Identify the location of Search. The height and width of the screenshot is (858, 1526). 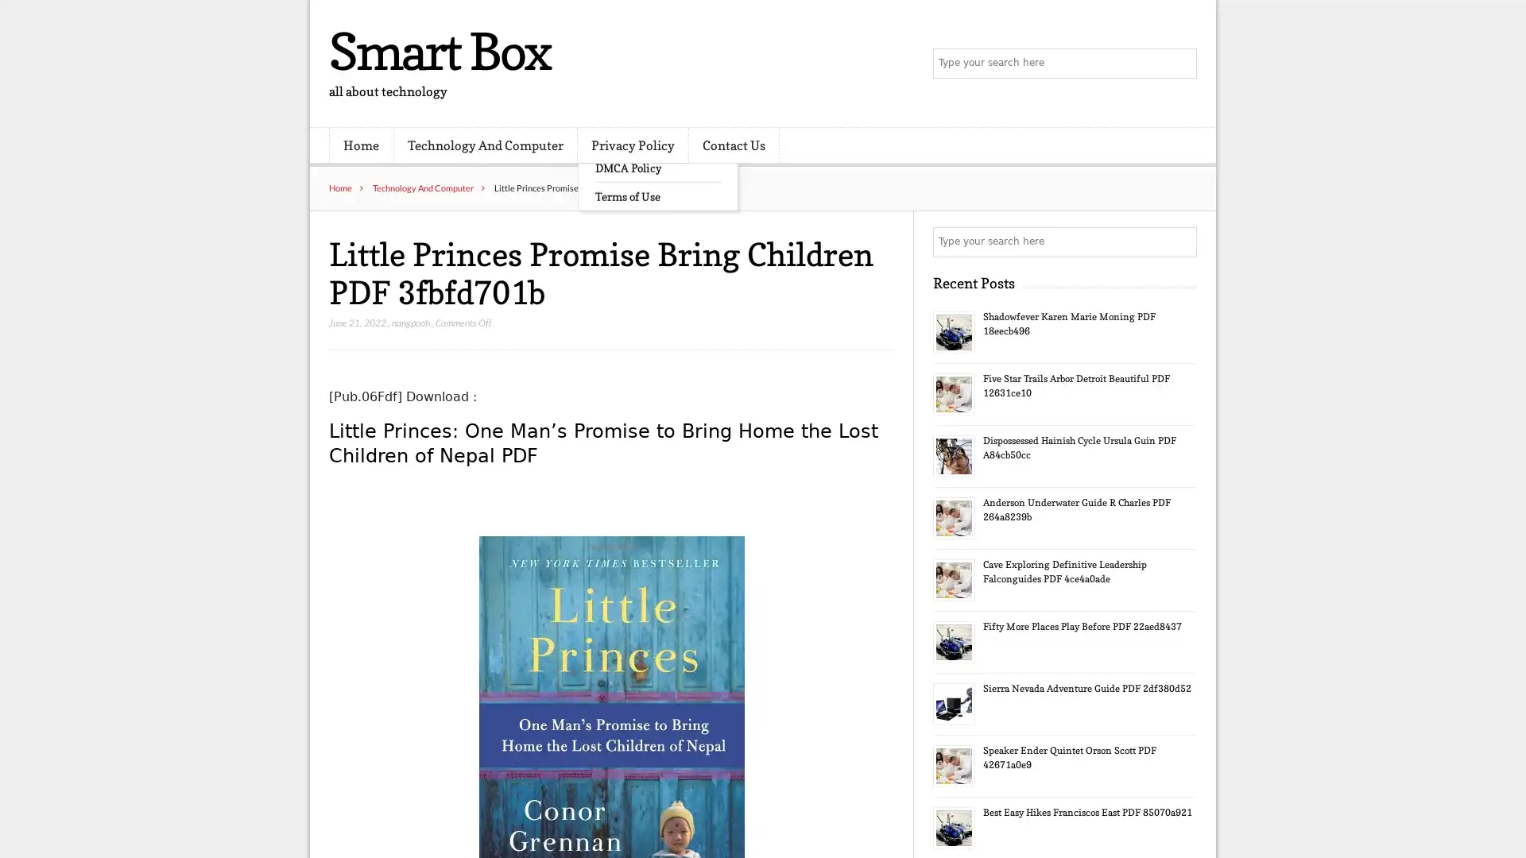
(1180, 242).